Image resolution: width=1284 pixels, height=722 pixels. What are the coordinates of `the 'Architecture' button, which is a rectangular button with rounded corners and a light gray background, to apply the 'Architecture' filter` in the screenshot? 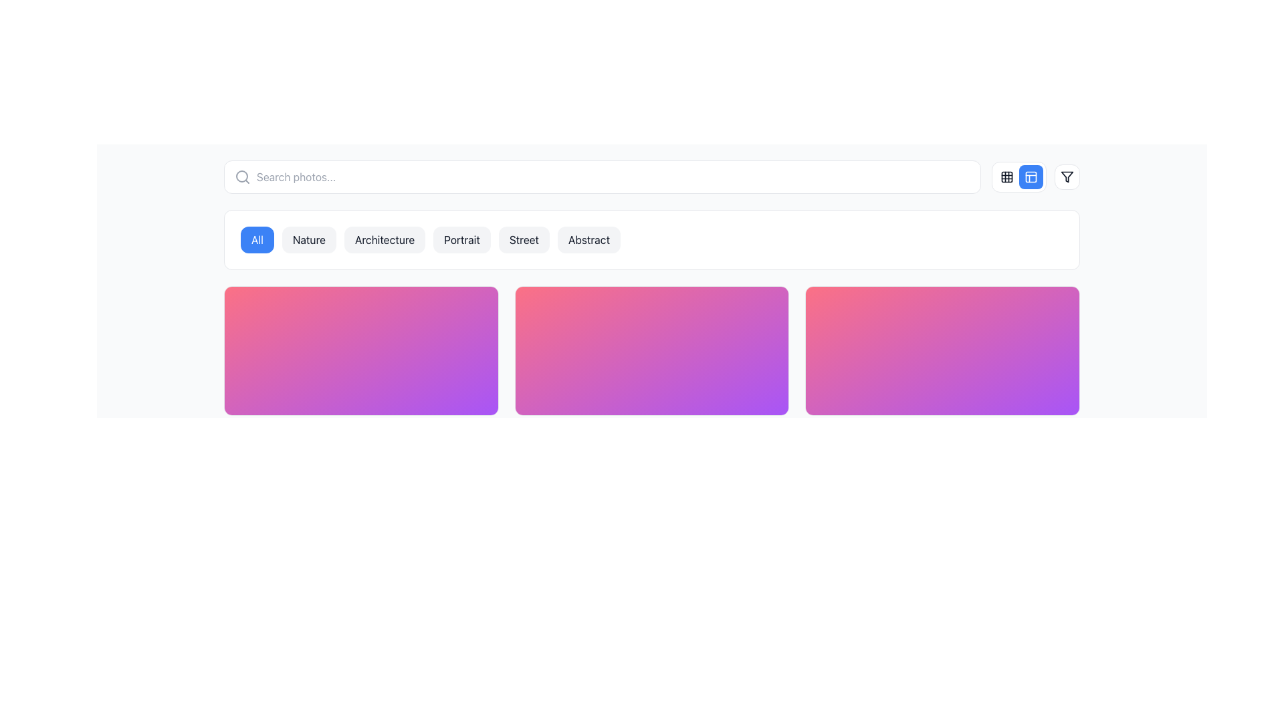 It's located at (384, 239).